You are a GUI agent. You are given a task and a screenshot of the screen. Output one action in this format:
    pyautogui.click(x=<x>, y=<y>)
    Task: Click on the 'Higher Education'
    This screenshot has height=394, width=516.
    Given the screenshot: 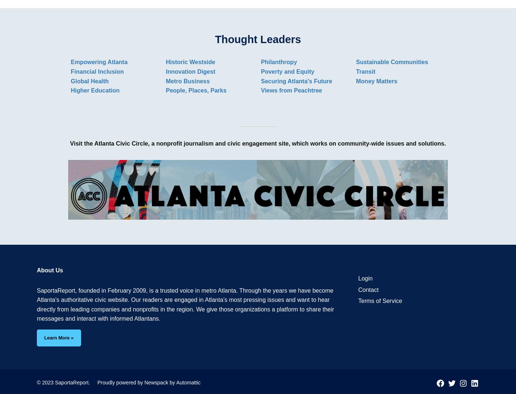 What is the action you would take?
    pyautogui.click(x=95, y=90)
    